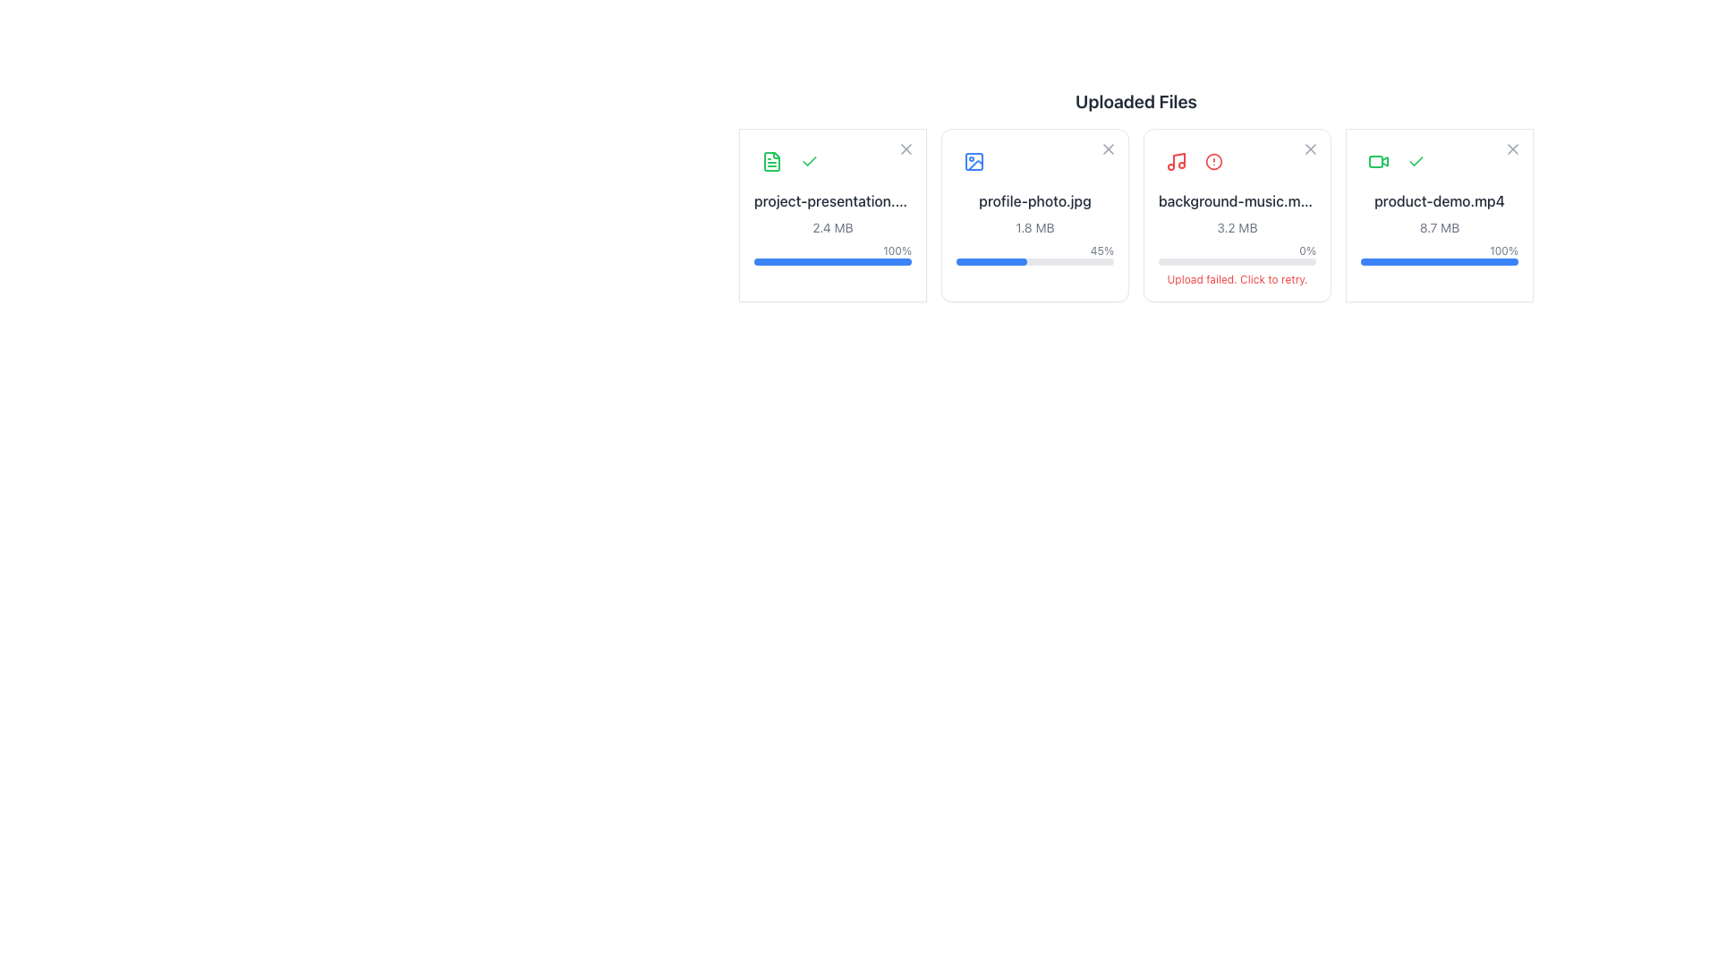  I want to click on the progress bar located at the bottom of the card for the 'product-demo.mp4' file, which indicates the file upload or download progress, so click(1439, 262).